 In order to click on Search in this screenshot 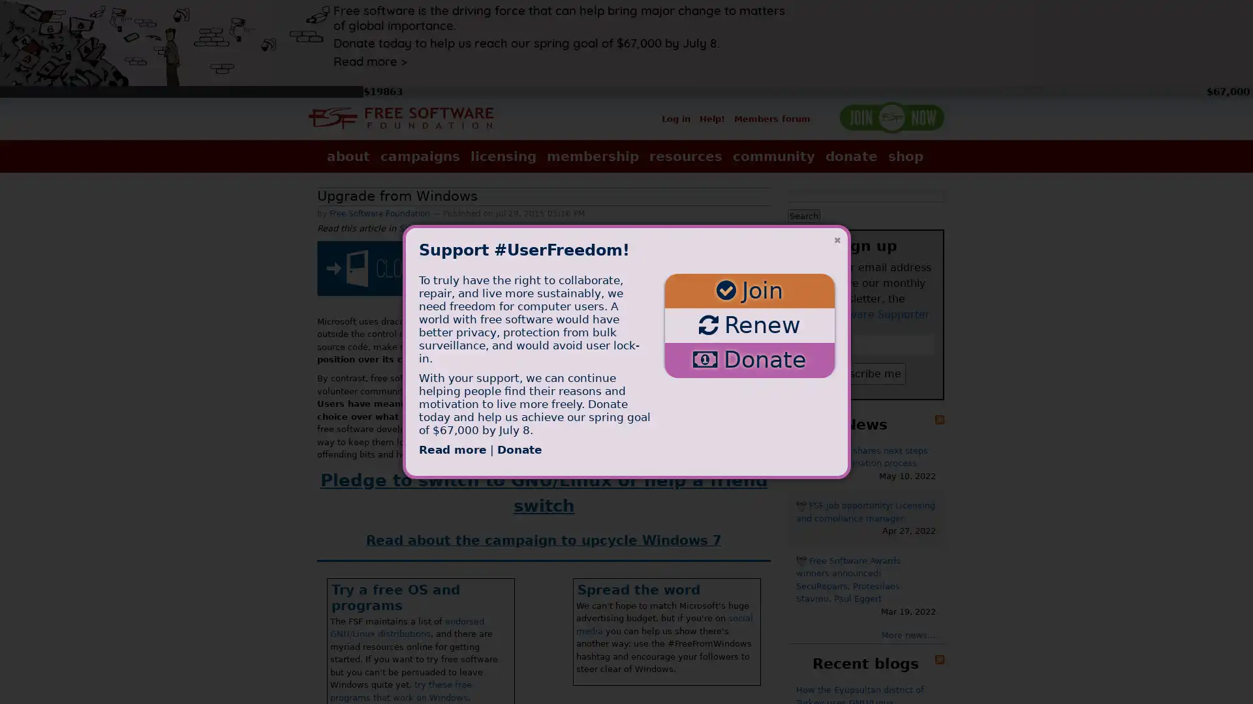, I will do `click(803, 214)`.